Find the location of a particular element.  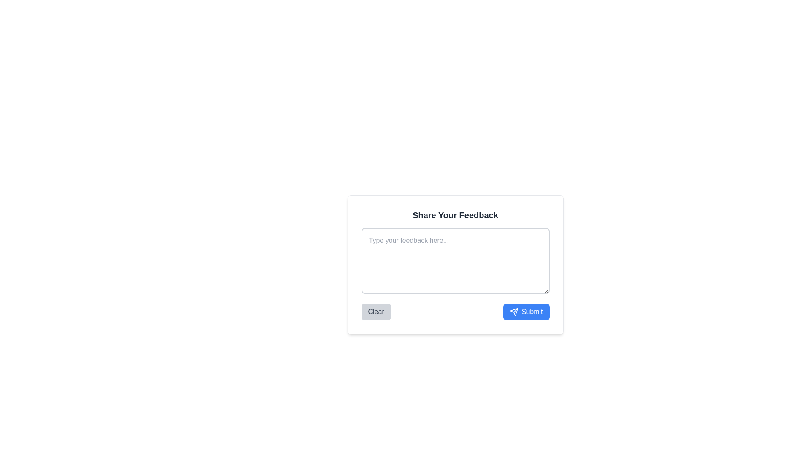

the 'Submit' button located at the bottom of the form interface is located at coordinates (526, 312).